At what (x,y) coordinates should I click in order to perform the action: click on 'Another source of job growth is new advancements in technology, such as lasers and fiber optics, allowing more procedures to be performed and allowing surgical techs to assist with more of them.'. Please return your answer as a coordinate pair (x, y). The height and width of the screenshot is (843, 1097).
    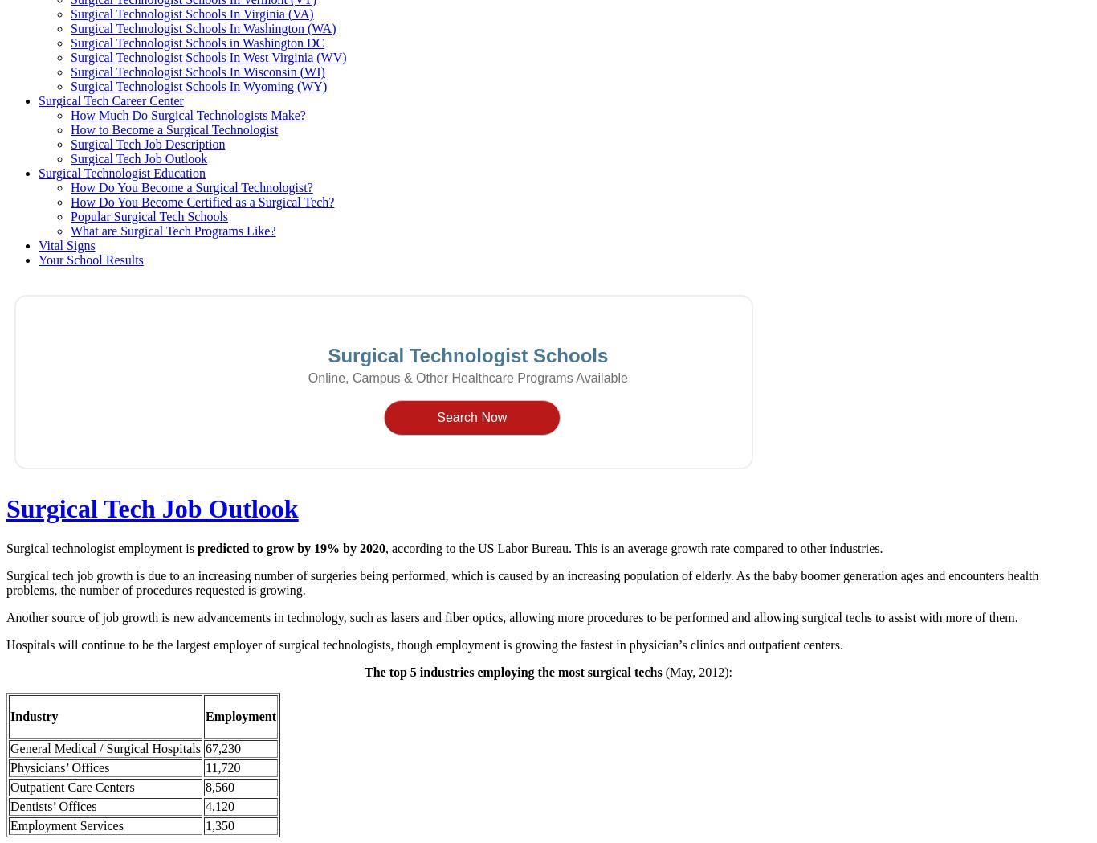
    Looking at the image, I should click on (511, 616).